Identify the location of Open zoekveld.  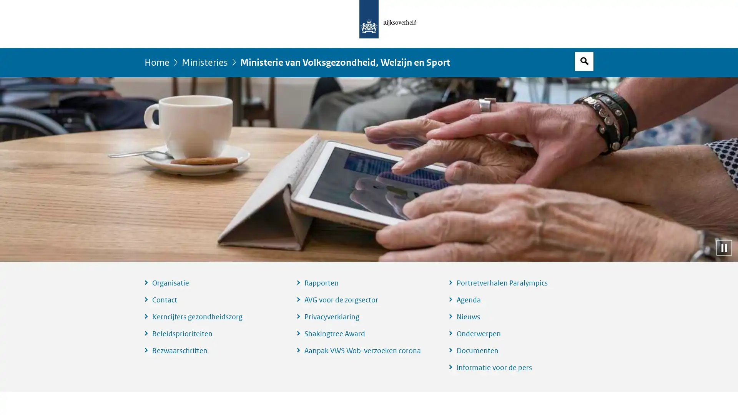
(584, 61).